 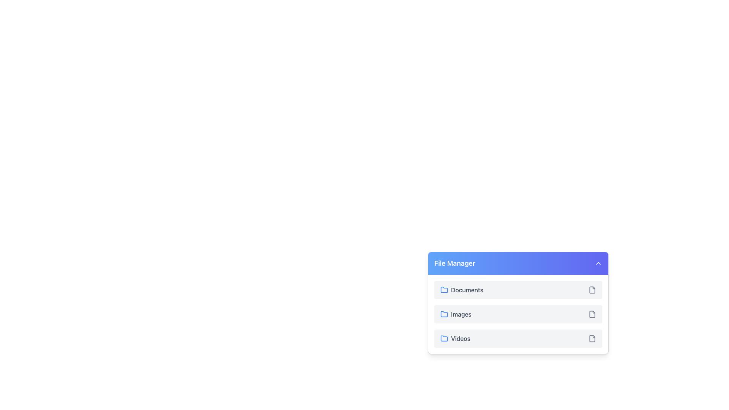 I want to click on the second row labeled 'Images' in the file manager interface, so click(x=518, y=314).